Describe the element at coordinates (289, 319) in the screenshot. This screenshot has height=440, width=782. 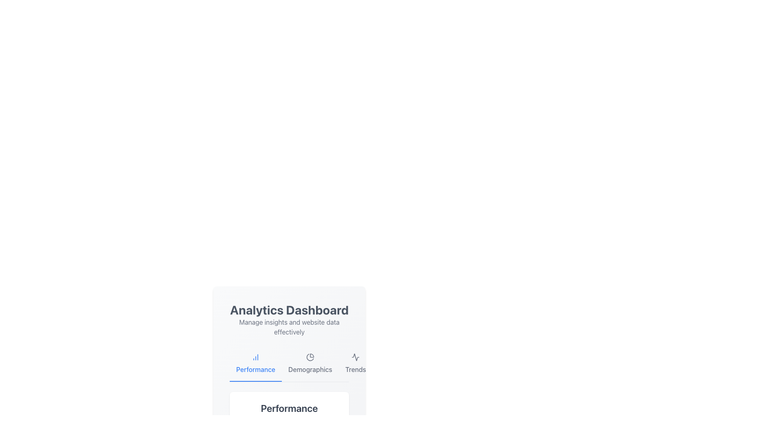
I see `the header text block that provides the title and description of the dashboard, which is centrally located near the top of the interface` at that location.